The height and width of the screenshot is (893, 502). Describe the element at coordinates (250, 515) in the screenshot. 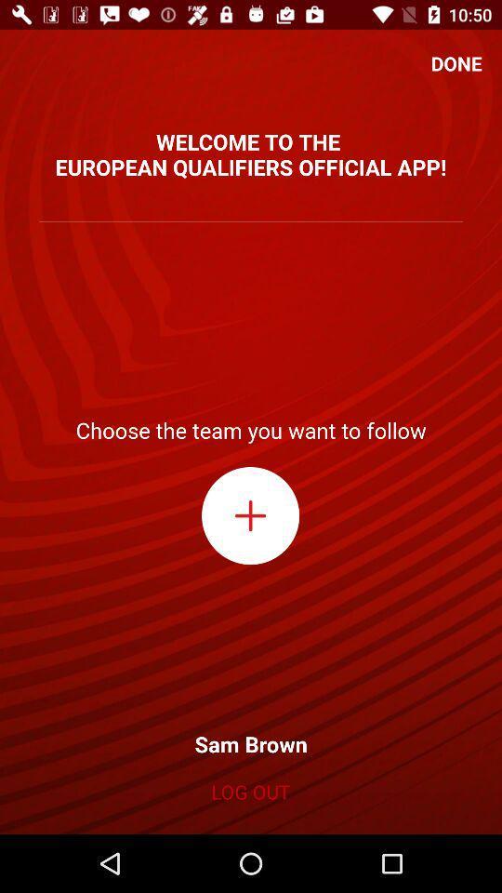

I see `choose a team to follow` at that location.